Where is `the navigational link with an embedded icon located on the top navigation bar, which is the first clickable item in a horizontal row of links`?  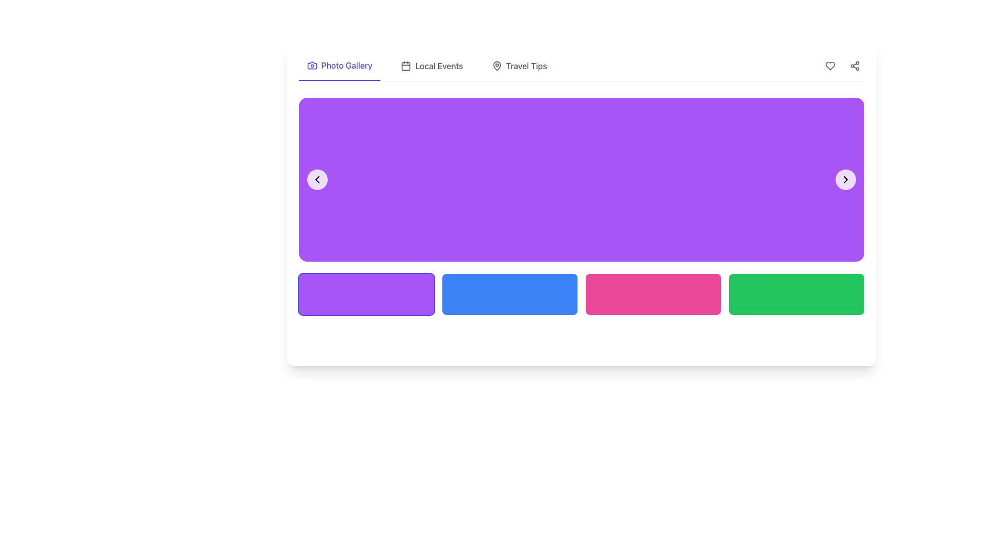
the navigational link with an embedded icon located on the top navigation bar, which is the first clickable item in a horizontal row of links is located at coordinates (339, 66).